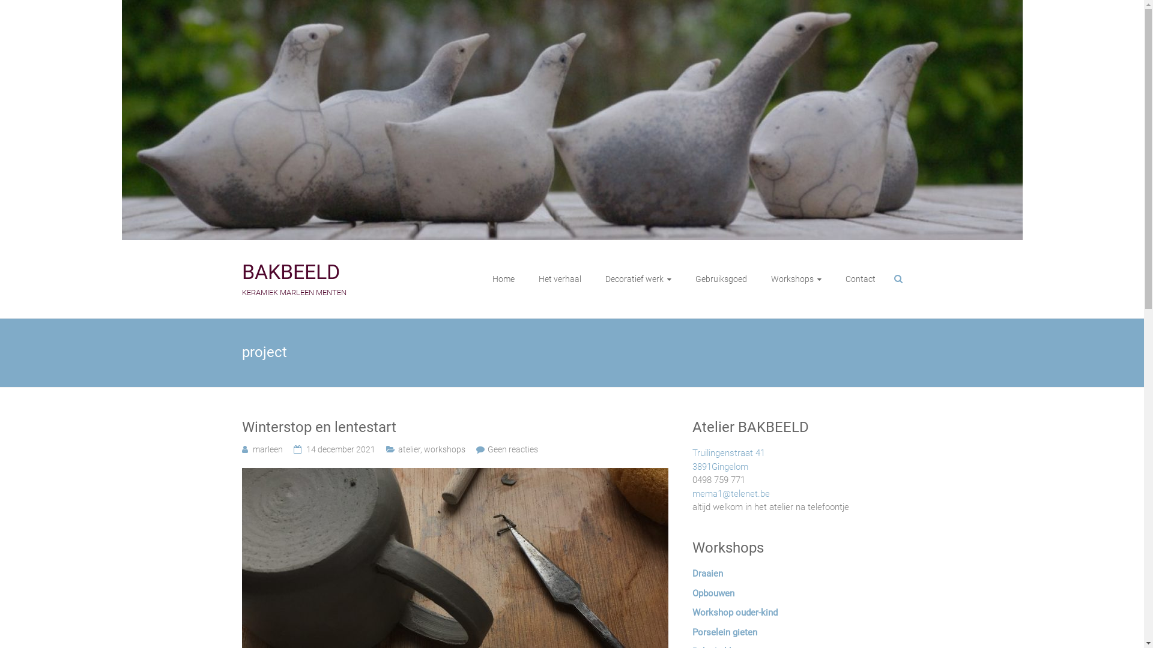 The width and height of the screenshot is (1153, 648). I want to click on 'BAKBEELD', so click(290, 271).